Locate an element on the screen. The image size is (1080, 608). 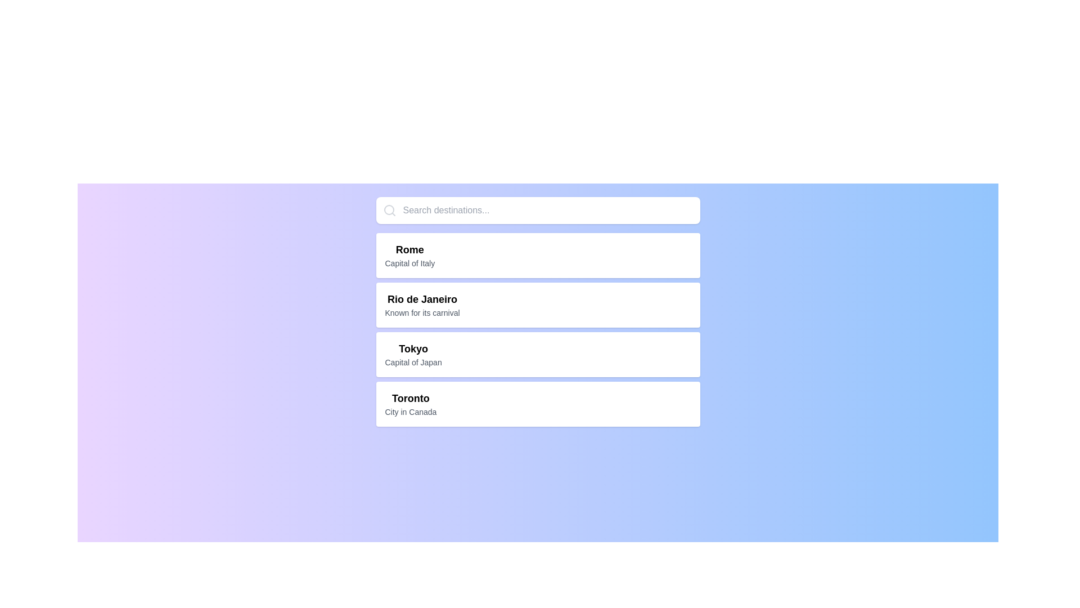
properties of the text label located beneath the 'Tokyo' title within the third card of a vertical list is located at coordinates (413, 363).